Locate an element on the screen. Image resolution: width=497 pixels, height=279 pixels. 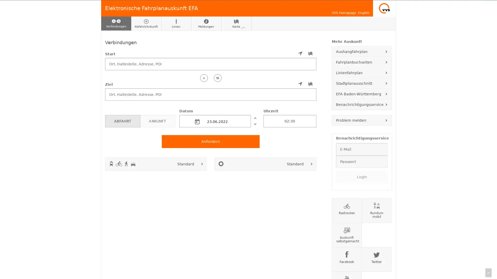
Linien is located at coordinates (176, 24).